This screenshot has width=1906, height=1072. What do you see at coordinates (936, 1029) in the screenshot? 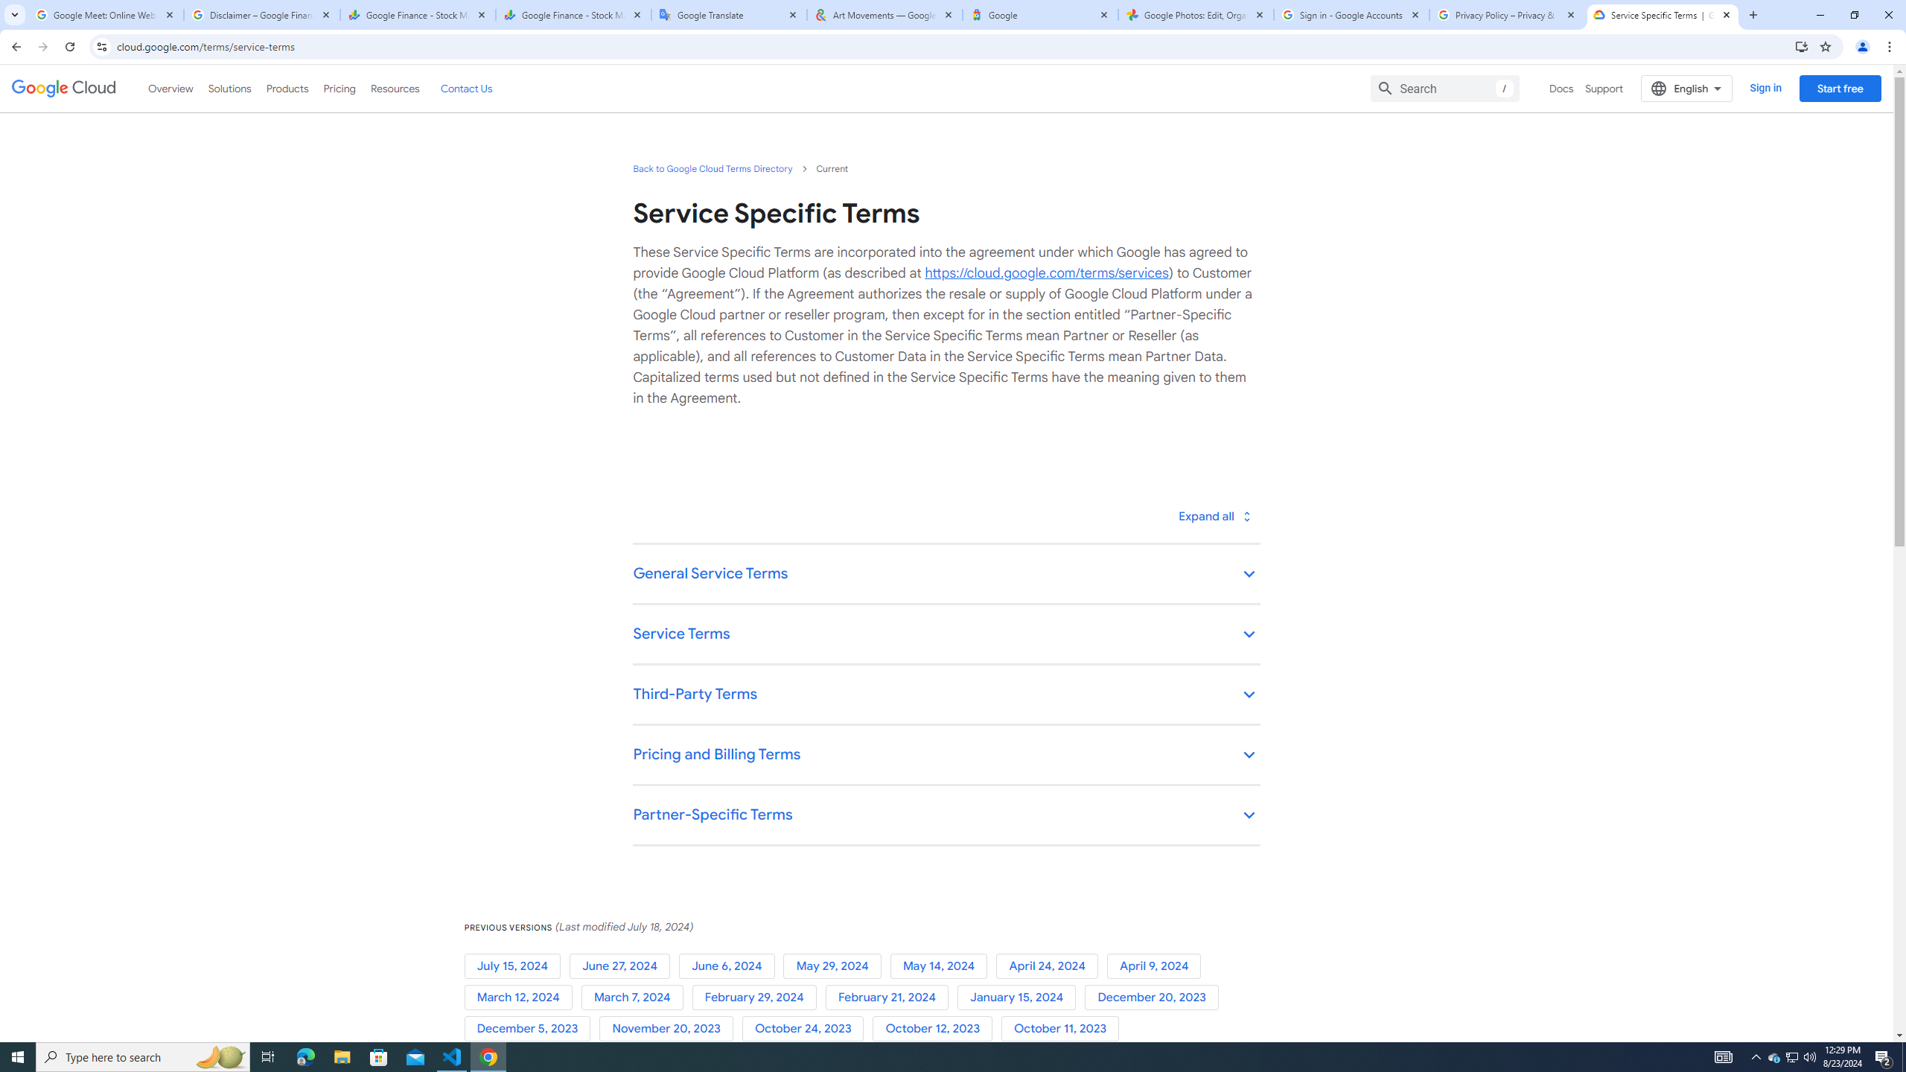
I see `'October 12, 2023'` at bounding box center [936, 1029].